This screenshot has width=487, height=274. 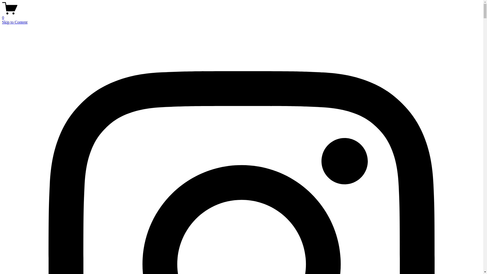 I want to click on '0', so click(x=241, y=15).